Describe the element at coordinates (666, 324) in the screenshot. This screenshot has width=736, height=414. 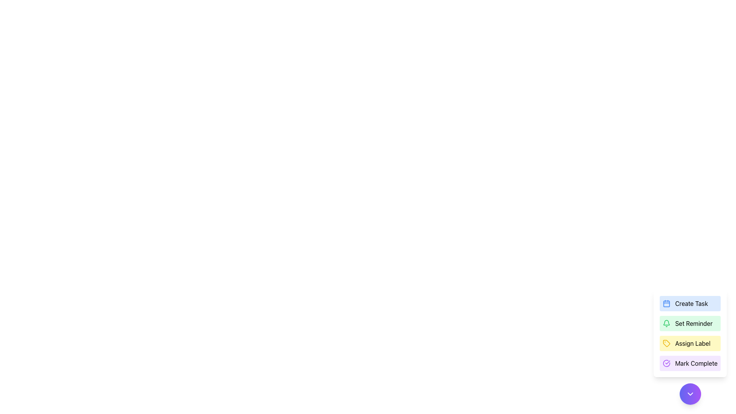
I see `the reminder-setting icon located in the second item of the vertically arranged menu list, which is visually represented alongside the 'Set Reminder' text` at that location.